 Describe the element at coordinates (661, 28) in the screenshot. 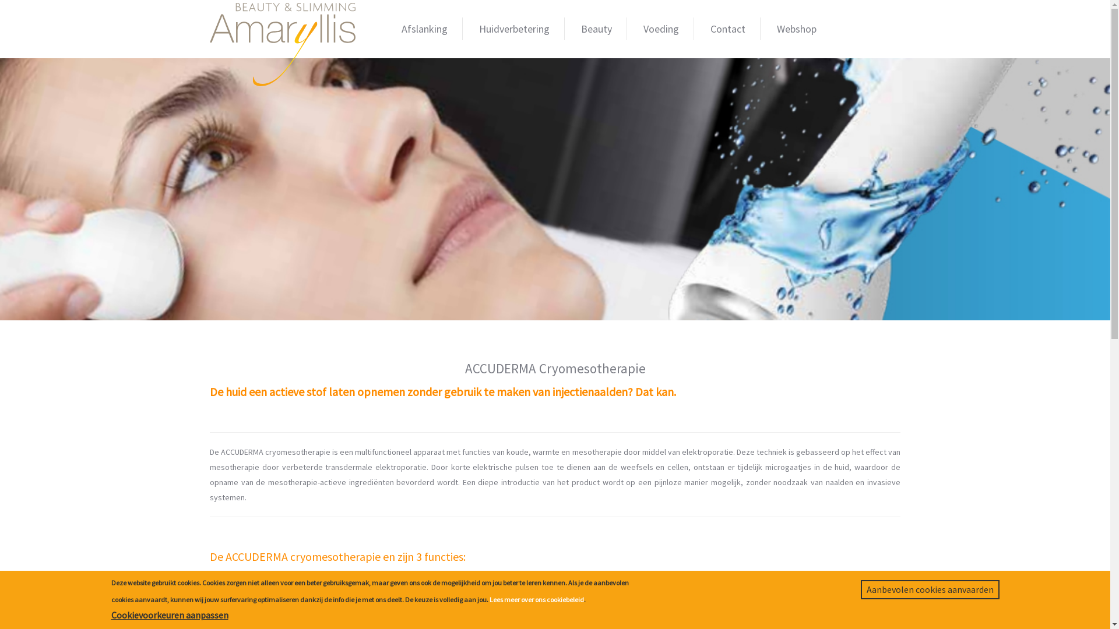

I see `'Voeding'` at that location.